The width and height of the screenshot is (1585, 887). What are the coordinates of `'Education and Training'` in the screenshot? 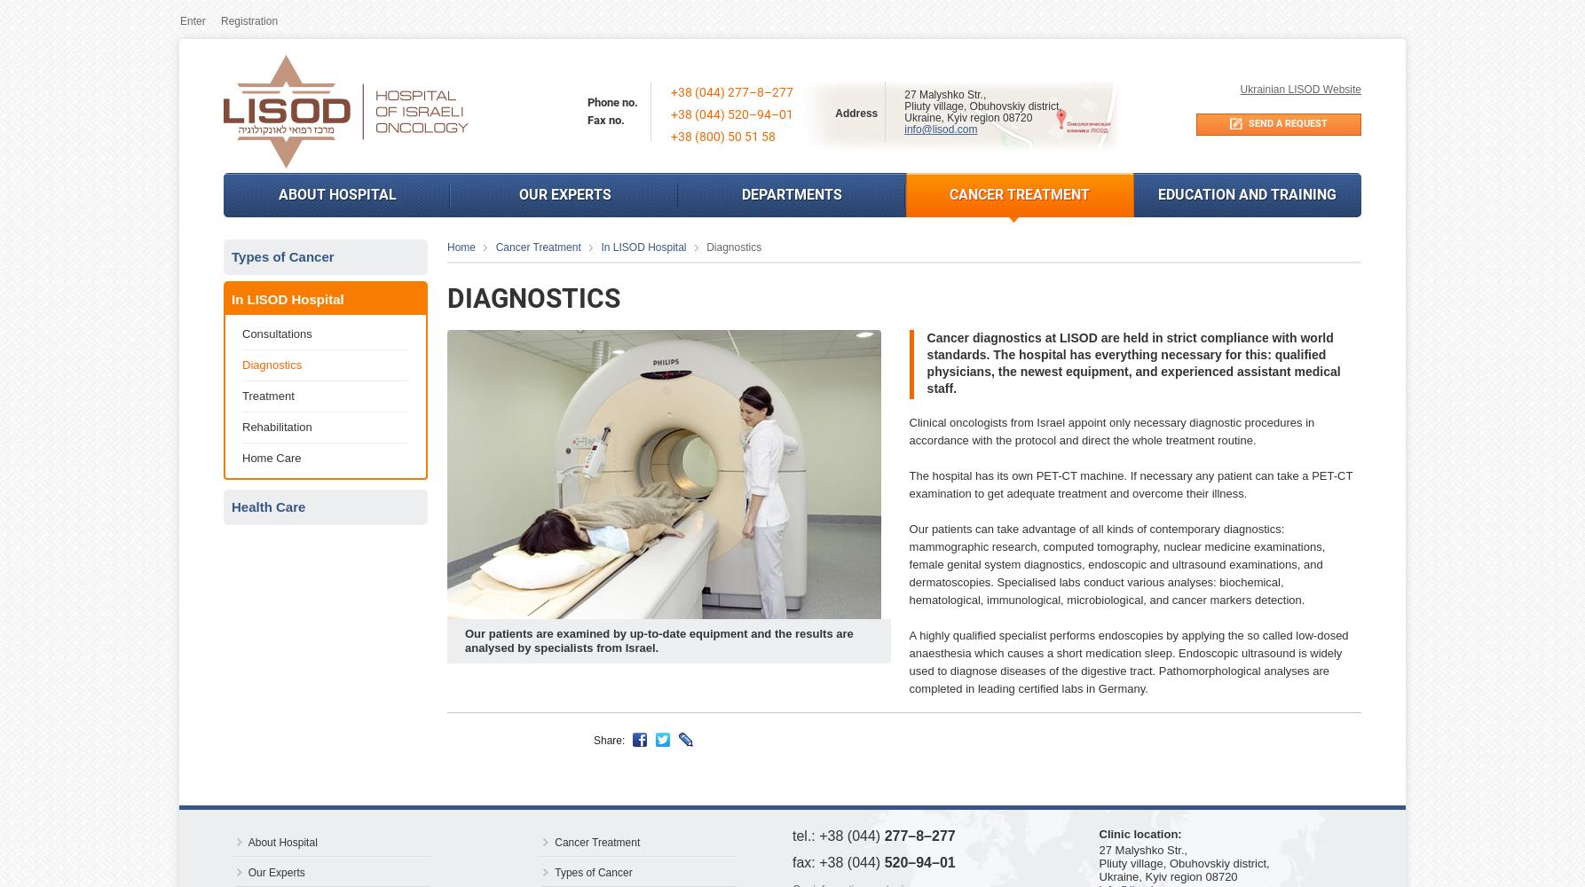 It's located at (1246, 192).